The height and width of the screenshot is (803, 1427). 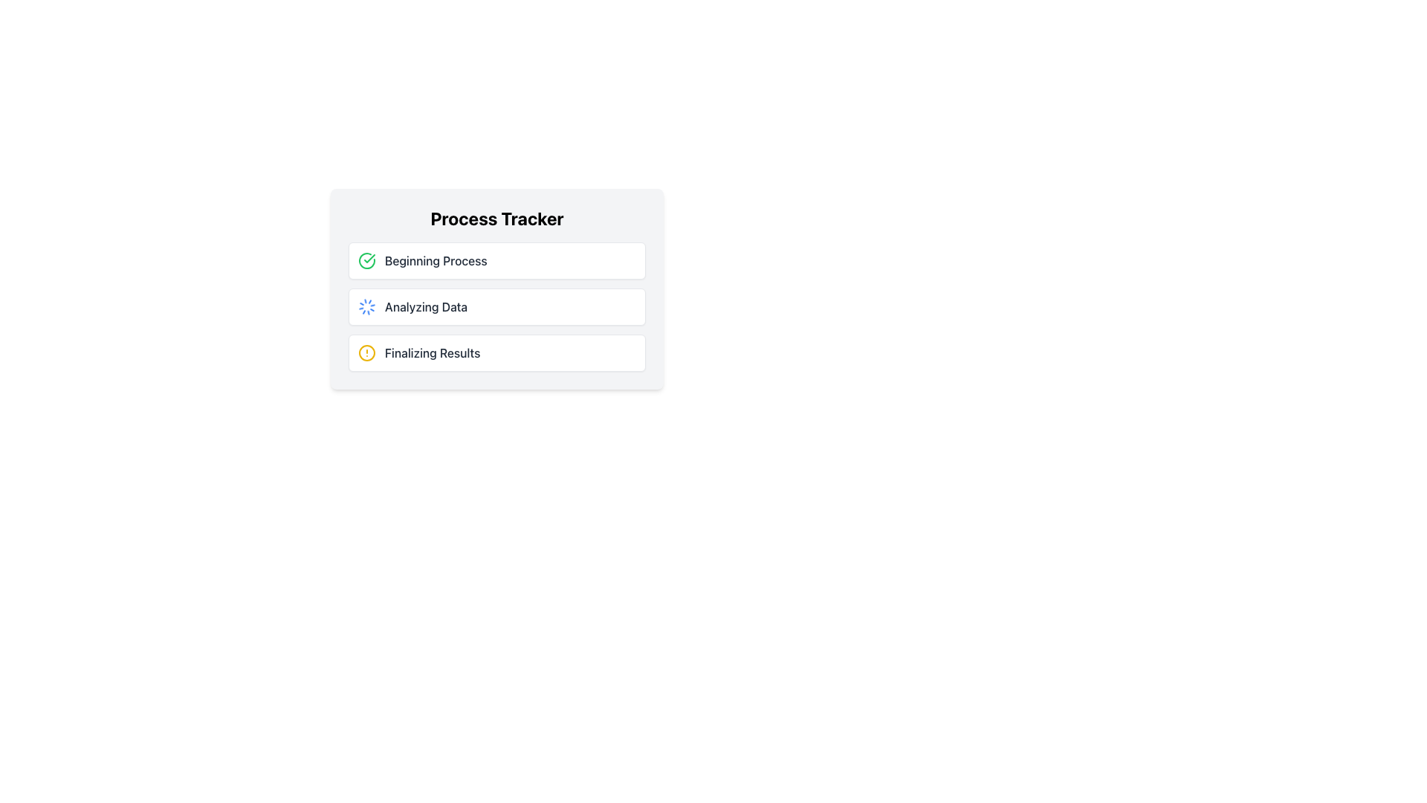 What do you see at coordinates (367, 259) in the screenshot?
I see `the visual icon representing the 'Beginning Process' item in the progress tracker list` at bounding box center [367, 259].